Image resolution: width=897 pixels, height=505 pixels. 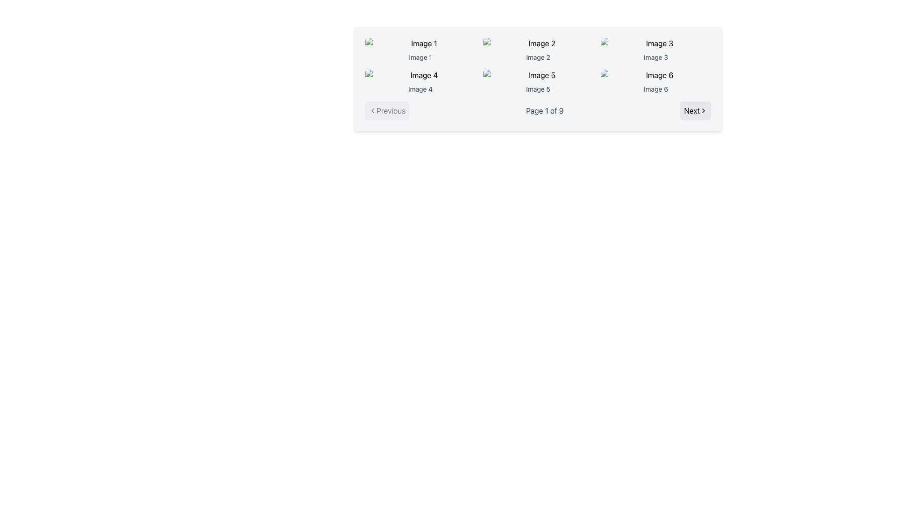 What do you see at coordinates (655, 75) in the screenshot?
I see `the image placeholder with alternative text 'Image 6', located` at bounding box center [655, 75].